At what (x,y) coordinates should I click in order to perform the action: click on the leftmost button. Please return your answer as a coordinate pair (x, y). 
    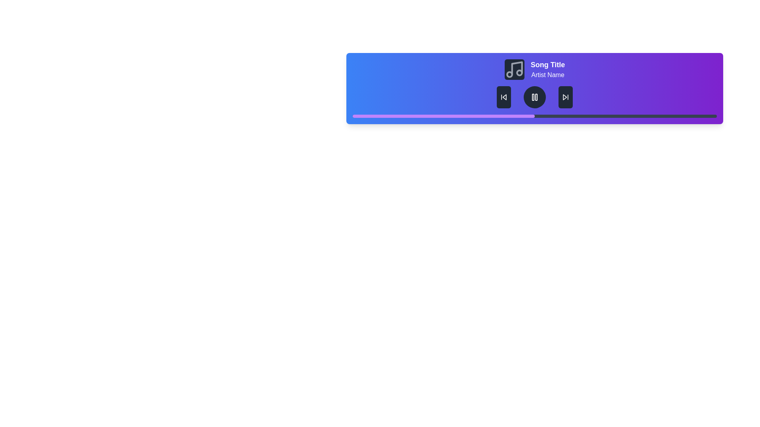
    Looking at the image, I should click on (503, 97).